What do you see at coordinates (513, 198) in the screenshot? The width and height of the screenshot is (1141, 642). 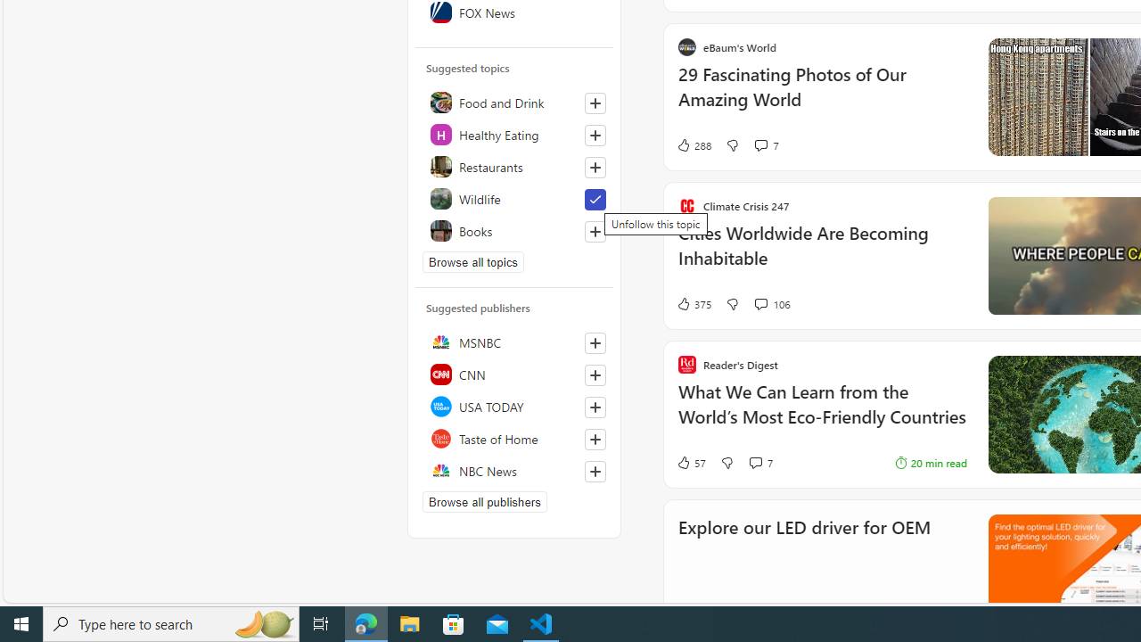 I see `'Wildlife'` at bounding box center [513, 198].